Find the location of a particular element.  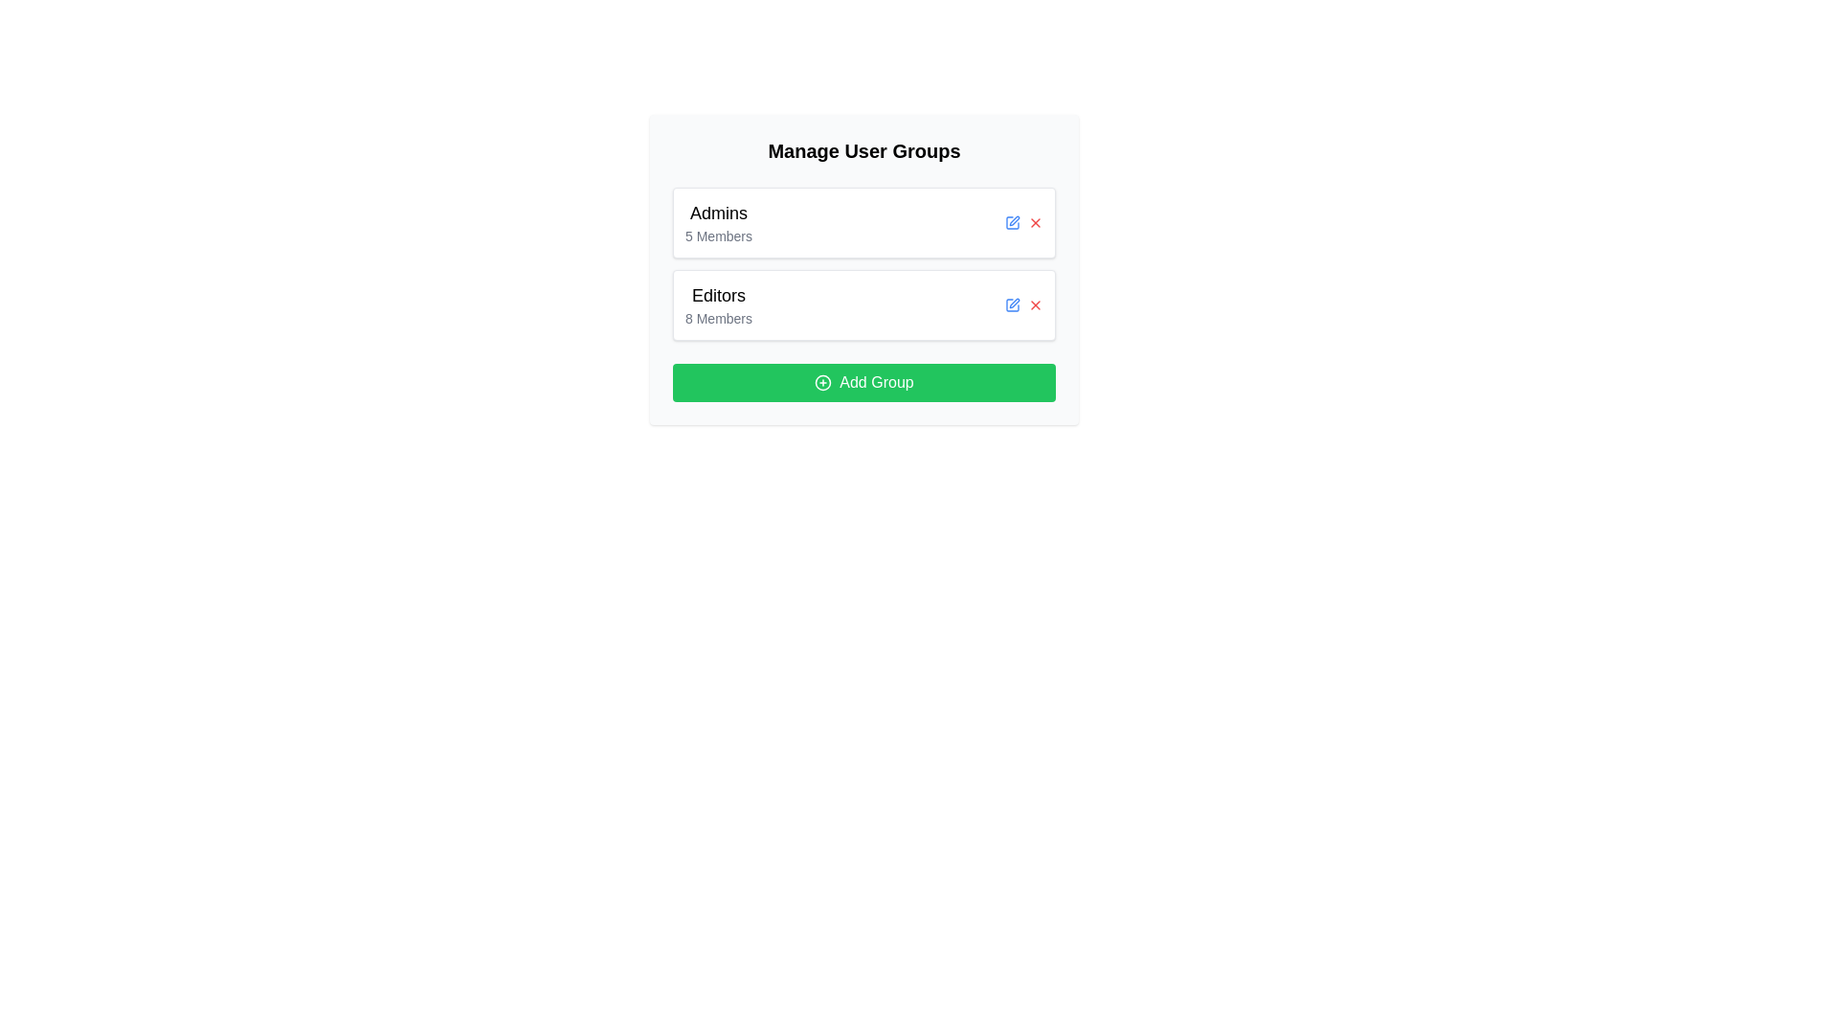

the delete icon in the icon group located to the right of the 'Editors' row, which displays a red close icon is located at coordinates (1023, 304).